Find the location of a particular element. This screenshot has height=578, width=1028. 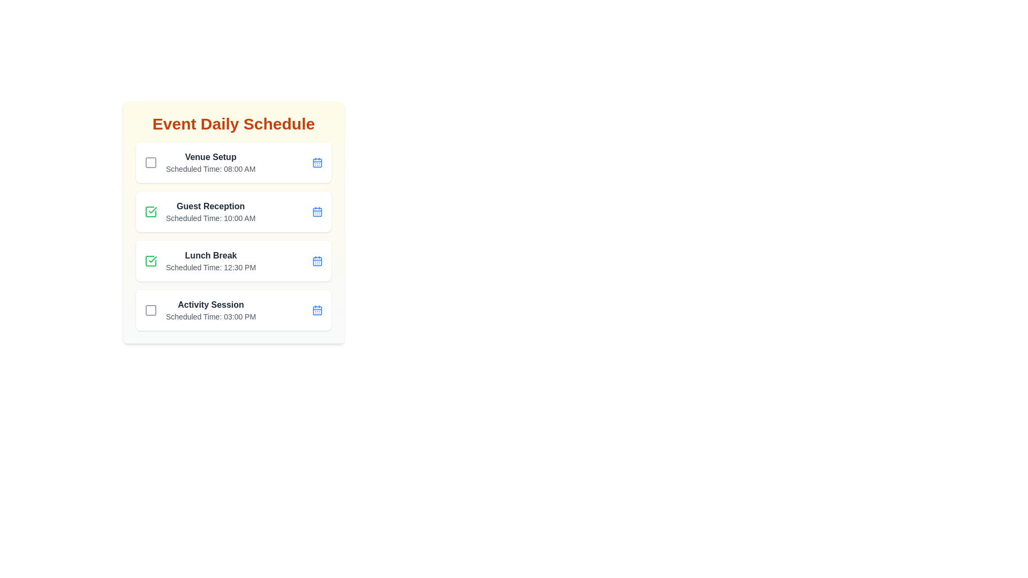

the calendar icon next to the task to view its details is located at coordinates (317, 163).